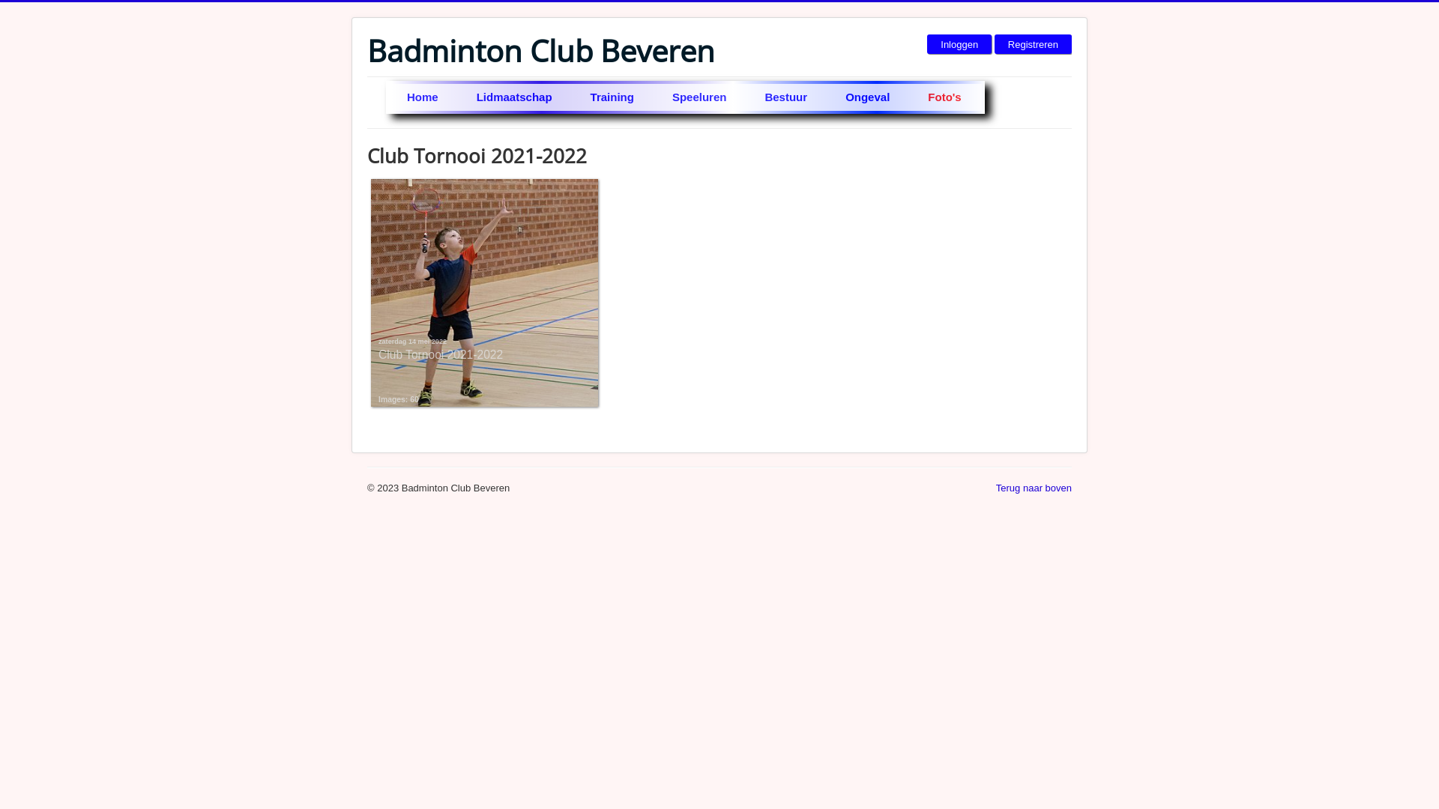  What do you see at coordinates (868, 97) in the screenshot?
I see `'Ongeval'` at bounding box center [868, 97].